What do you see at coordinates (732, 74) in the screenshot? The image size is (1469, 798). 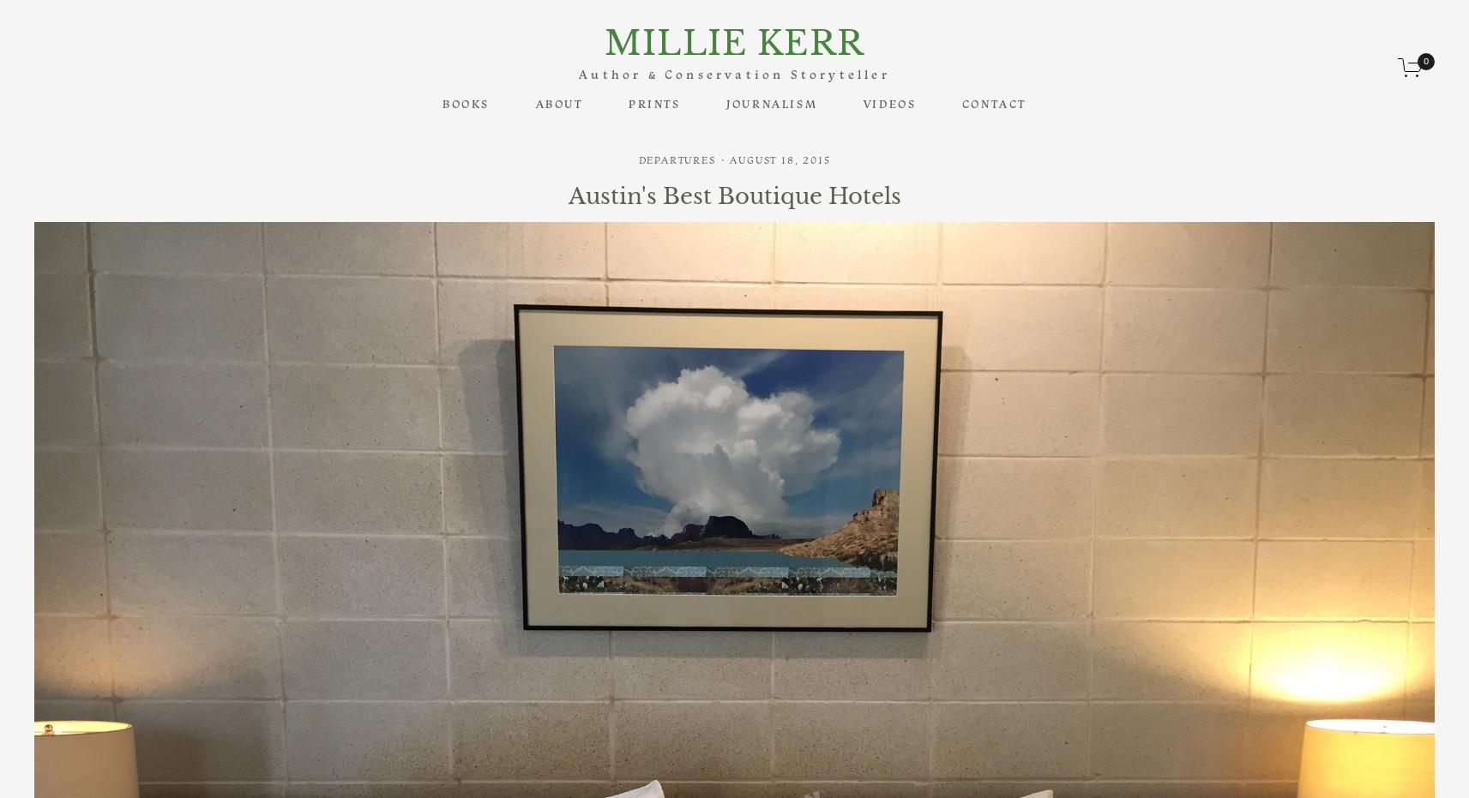 I see `'Author & Conservation Storyteller'` at bounding box center [732, 74].